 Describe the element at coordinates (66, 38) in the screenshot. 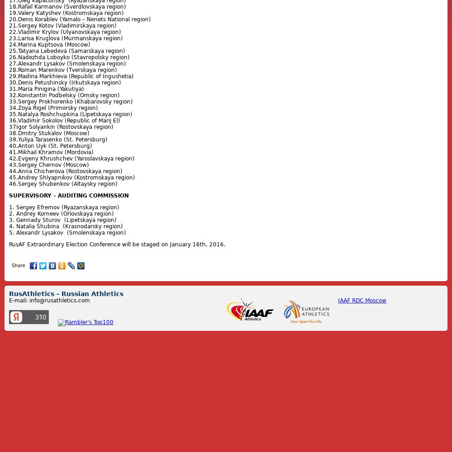

I see `'23.Larisa Kruglova (Murmanskaya region)'` at that location.